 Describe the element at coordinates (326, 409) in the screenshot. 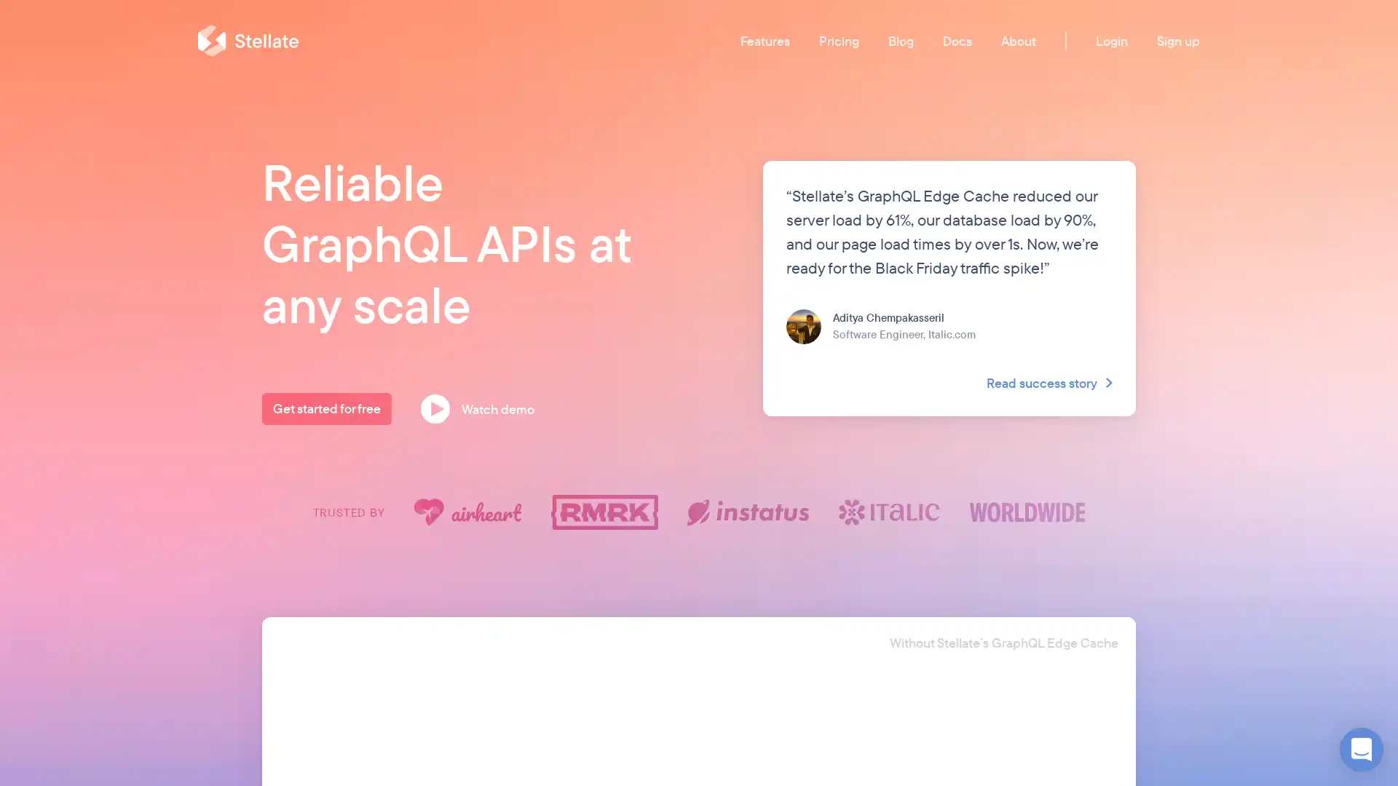

I see `Get started for free` at that location.